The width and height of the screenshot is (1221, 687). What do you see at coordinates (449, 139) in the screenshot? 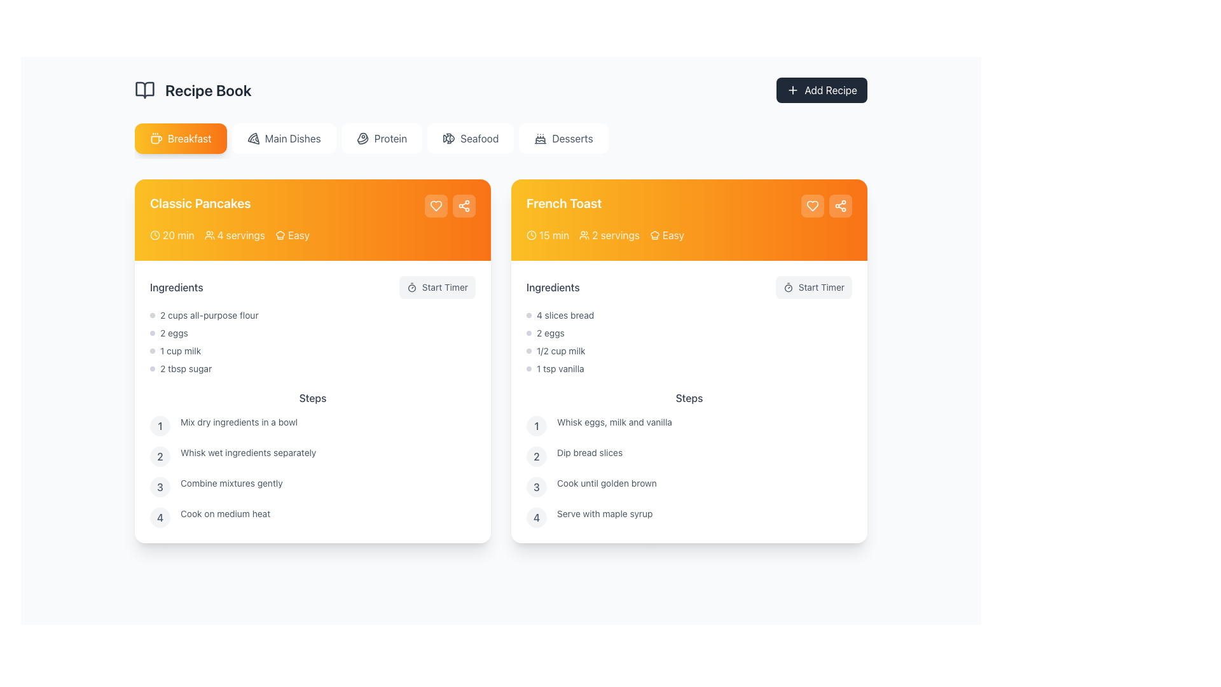
I see `the fish icon in the navigation bar, located to the left of the 'Seafood' label` at bounding box center [449, 139].